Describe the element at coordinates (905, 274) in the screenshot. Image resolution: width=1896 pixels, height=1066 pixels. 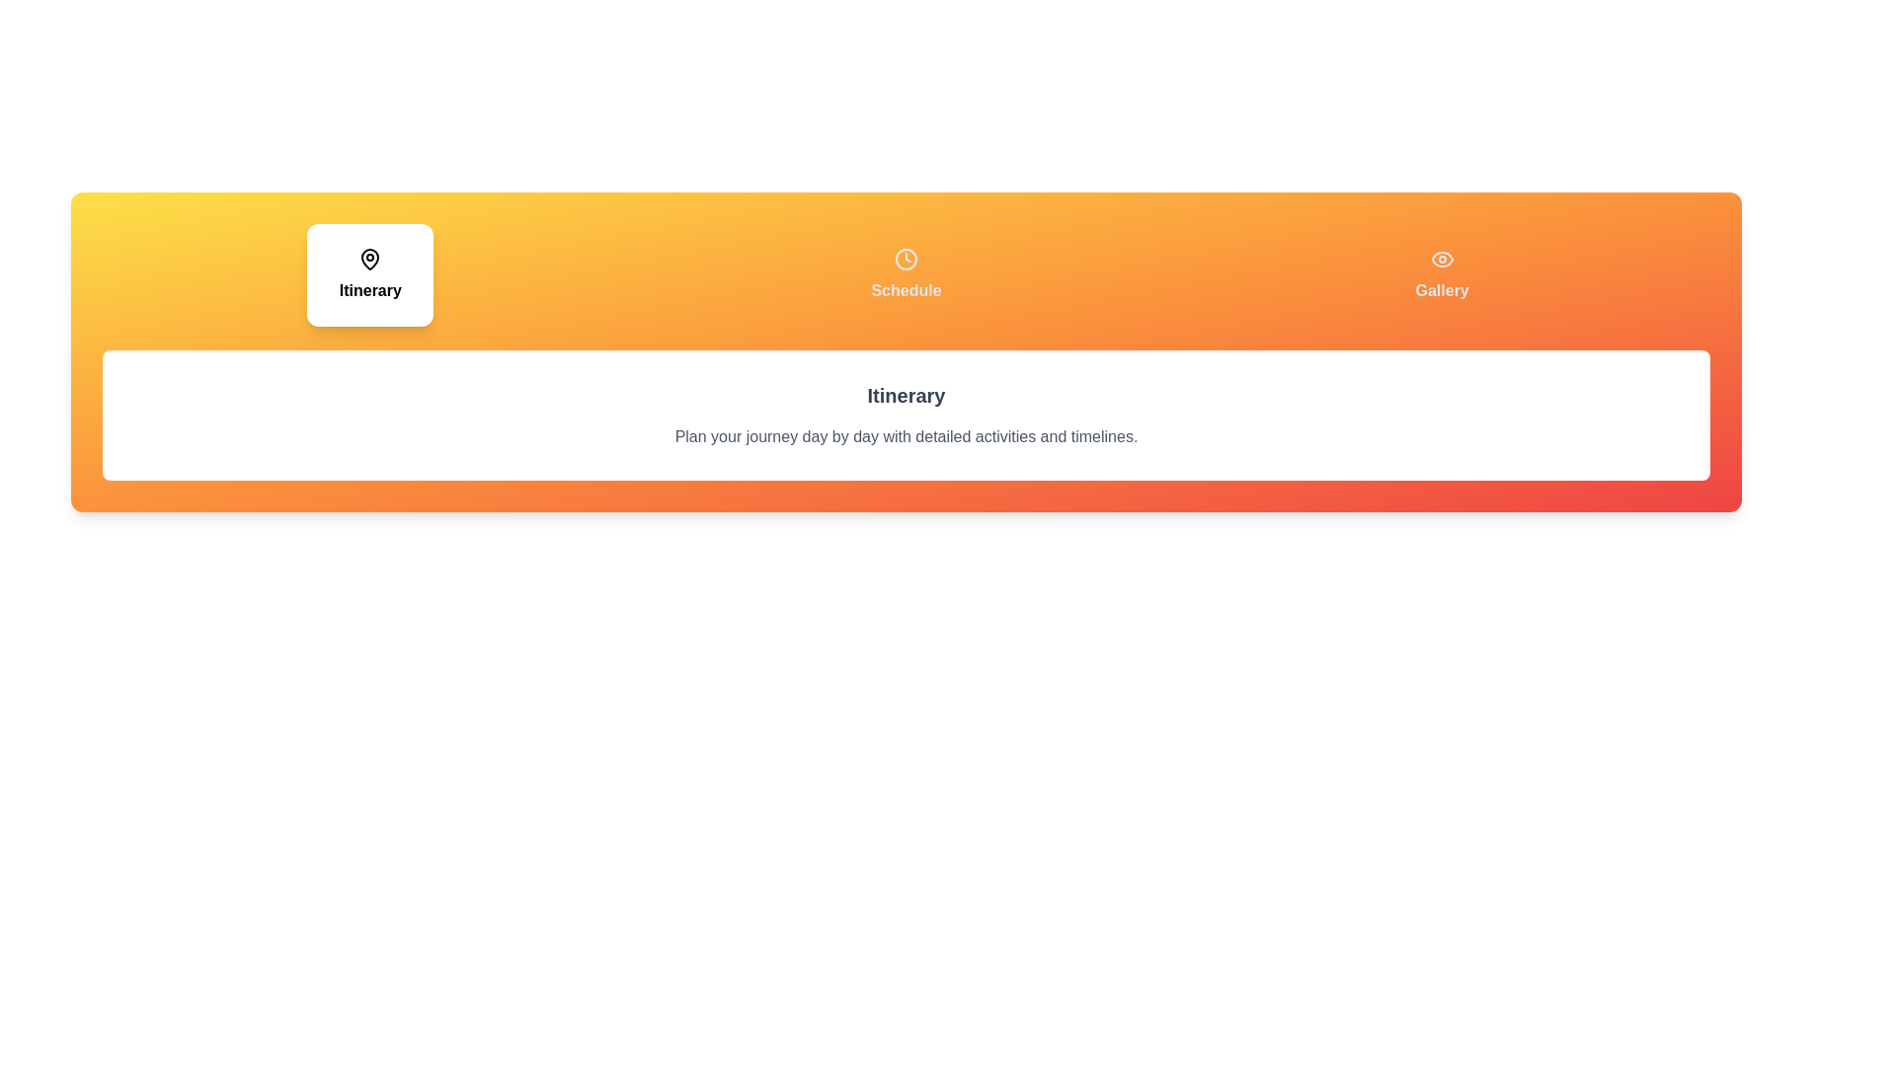
I see `the tab labeled Schedule to view its content` at that location.